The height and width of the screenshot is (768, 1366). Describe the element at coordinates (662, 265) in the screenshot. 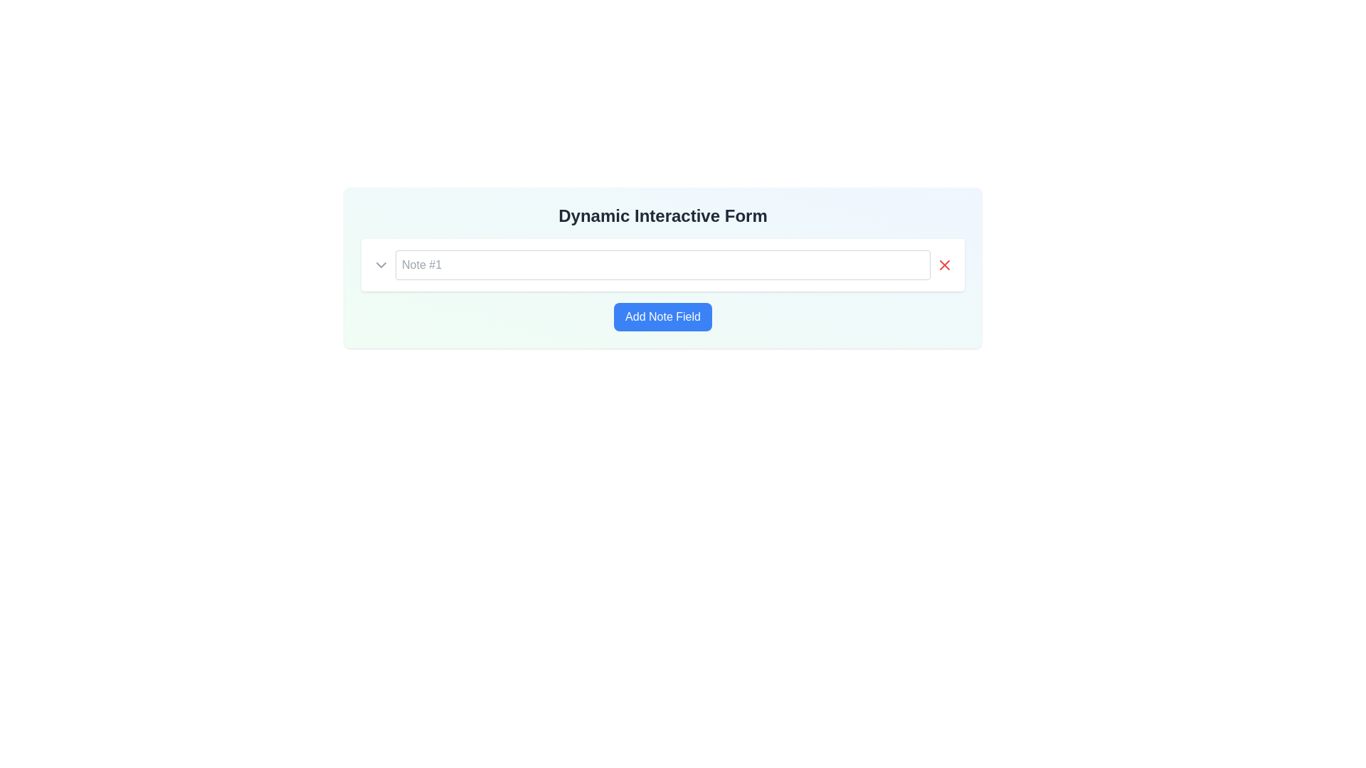

I see `the text input field with placeholder 'Note #1' for rearrangement` at that location.